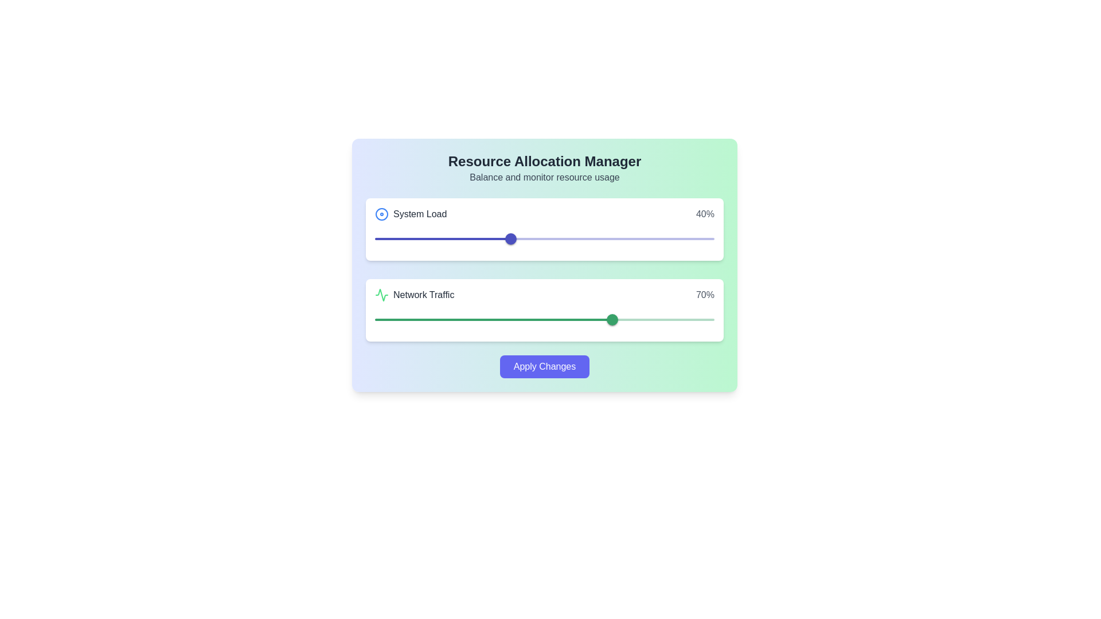 The image size is (1101, 619). I want to click on the text label that displays the current percentage value of network traffic, located to the right of the 'Network Traffic' text and its associated graphic icon, so click(704, 295).